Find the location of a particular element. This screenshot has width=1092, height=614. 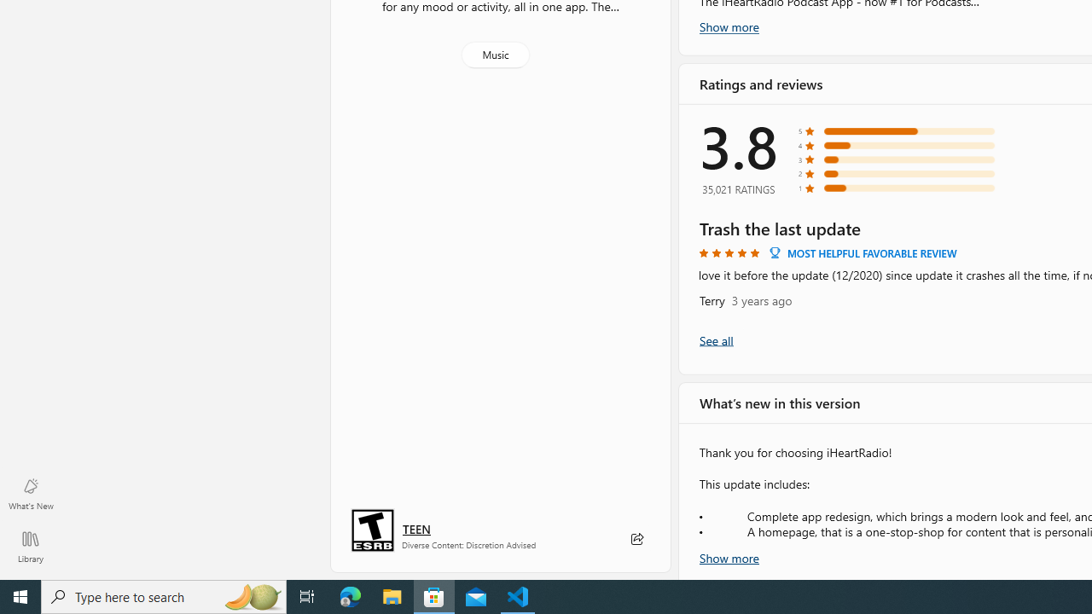

'Show more' is located at coordinates (729, 556).